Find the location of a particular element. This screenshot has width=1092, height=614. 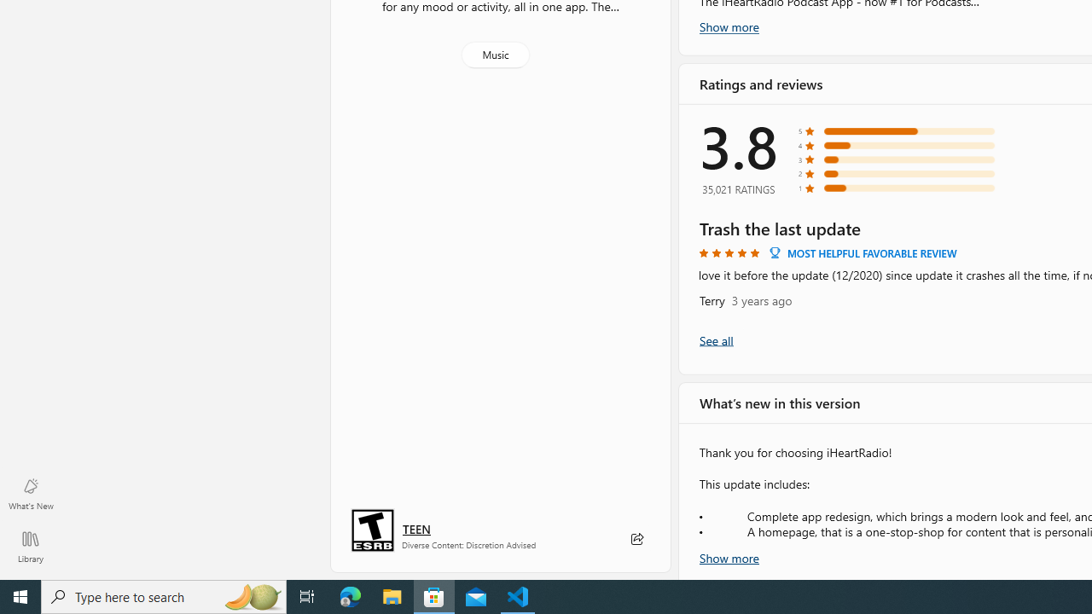

'Show more' is located at coordinates (729, 556).